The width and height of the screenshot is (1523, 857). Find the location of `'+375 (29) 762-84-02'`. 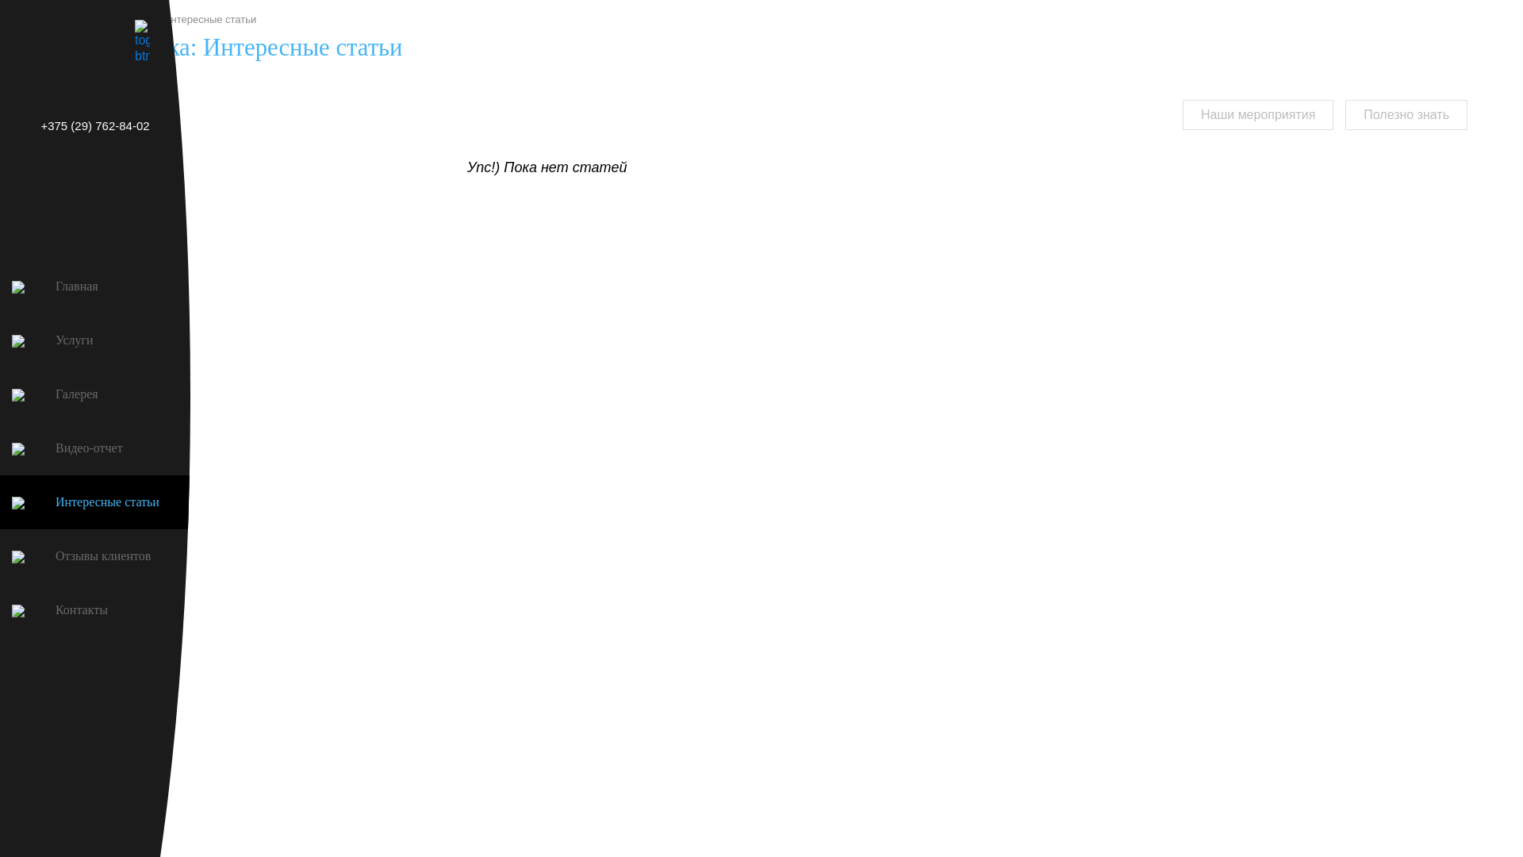

'+375 (29) 762-84-02' is located at coordinates (0, 125).